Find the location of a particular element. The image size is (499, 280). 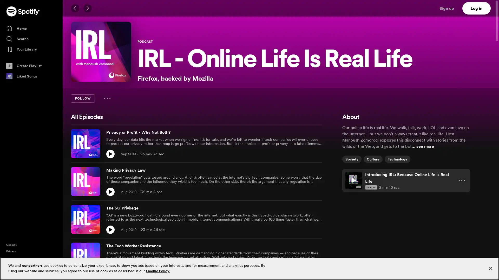

Share is located at coordinates (307, 268).